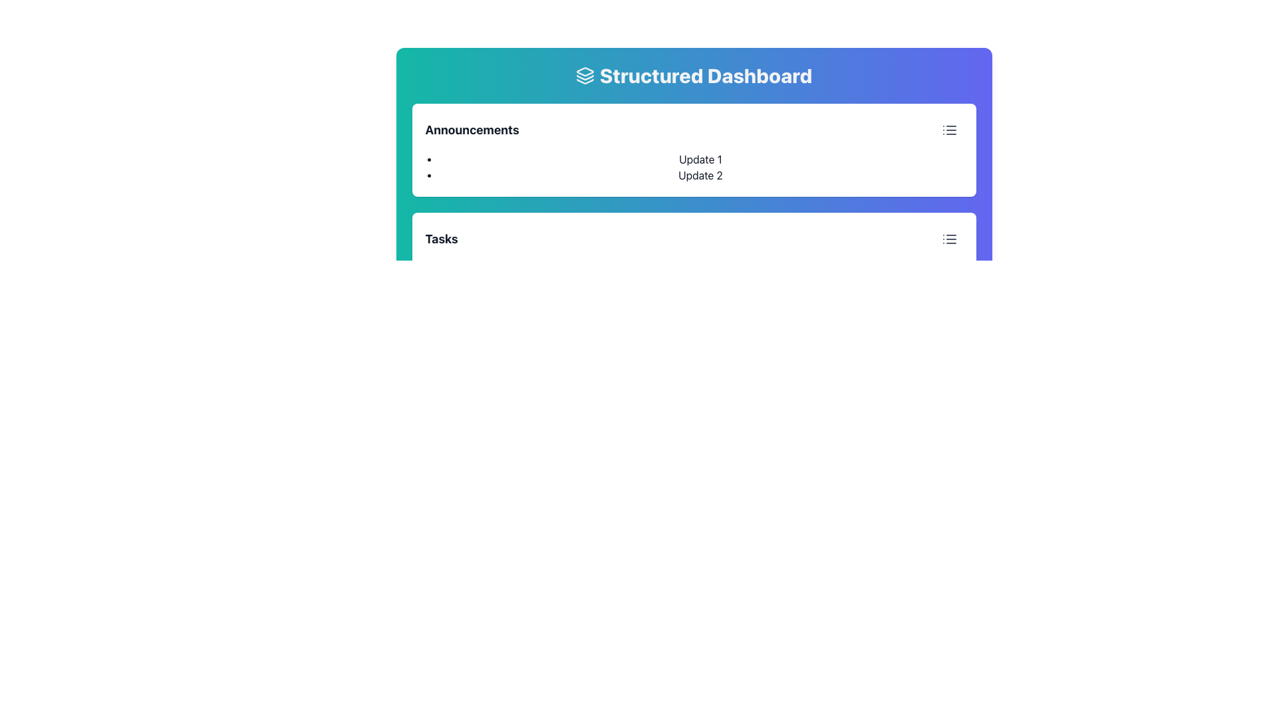 The image size is (1277, 718). Describe the element at coordinates (700, 158) in the screenshot. I see `the text element labeled 'Update 1', which is the first item in the bulleted list under the 'Announcements' section` at that location.